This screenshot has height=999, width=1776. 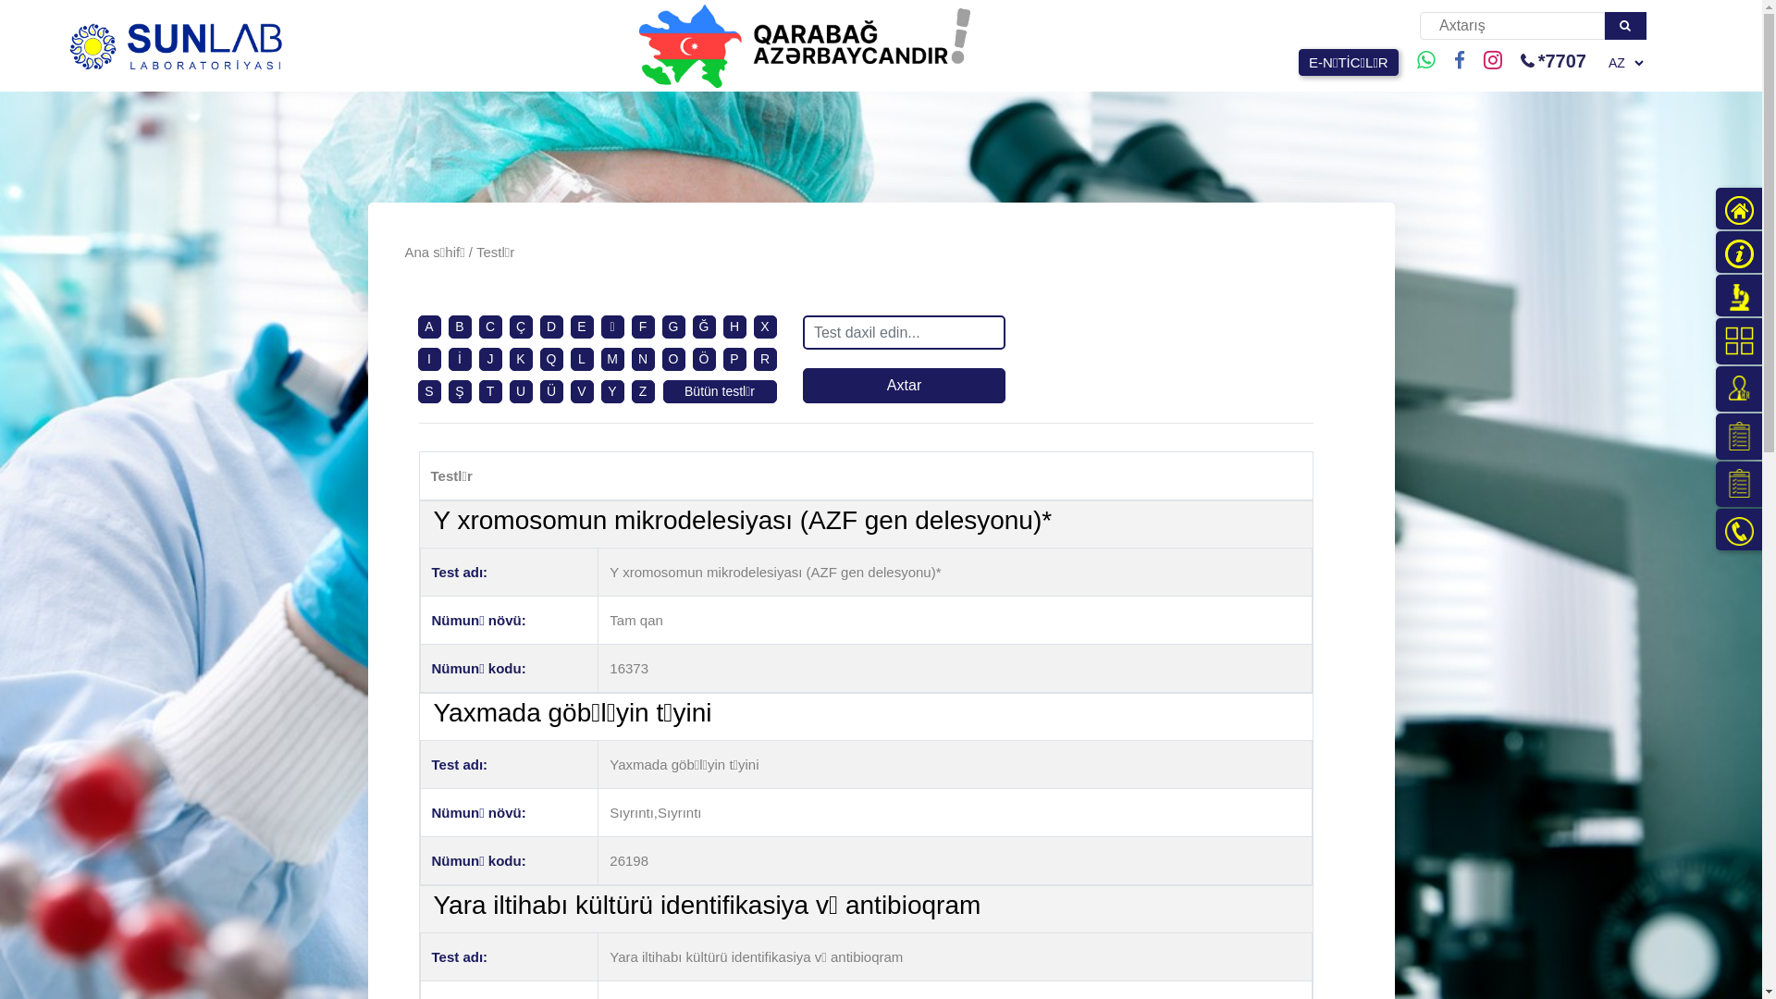 What do you see at coordinates (764, 359) in the screenshot?
I see `'R'` at bounding box center [764, 359].